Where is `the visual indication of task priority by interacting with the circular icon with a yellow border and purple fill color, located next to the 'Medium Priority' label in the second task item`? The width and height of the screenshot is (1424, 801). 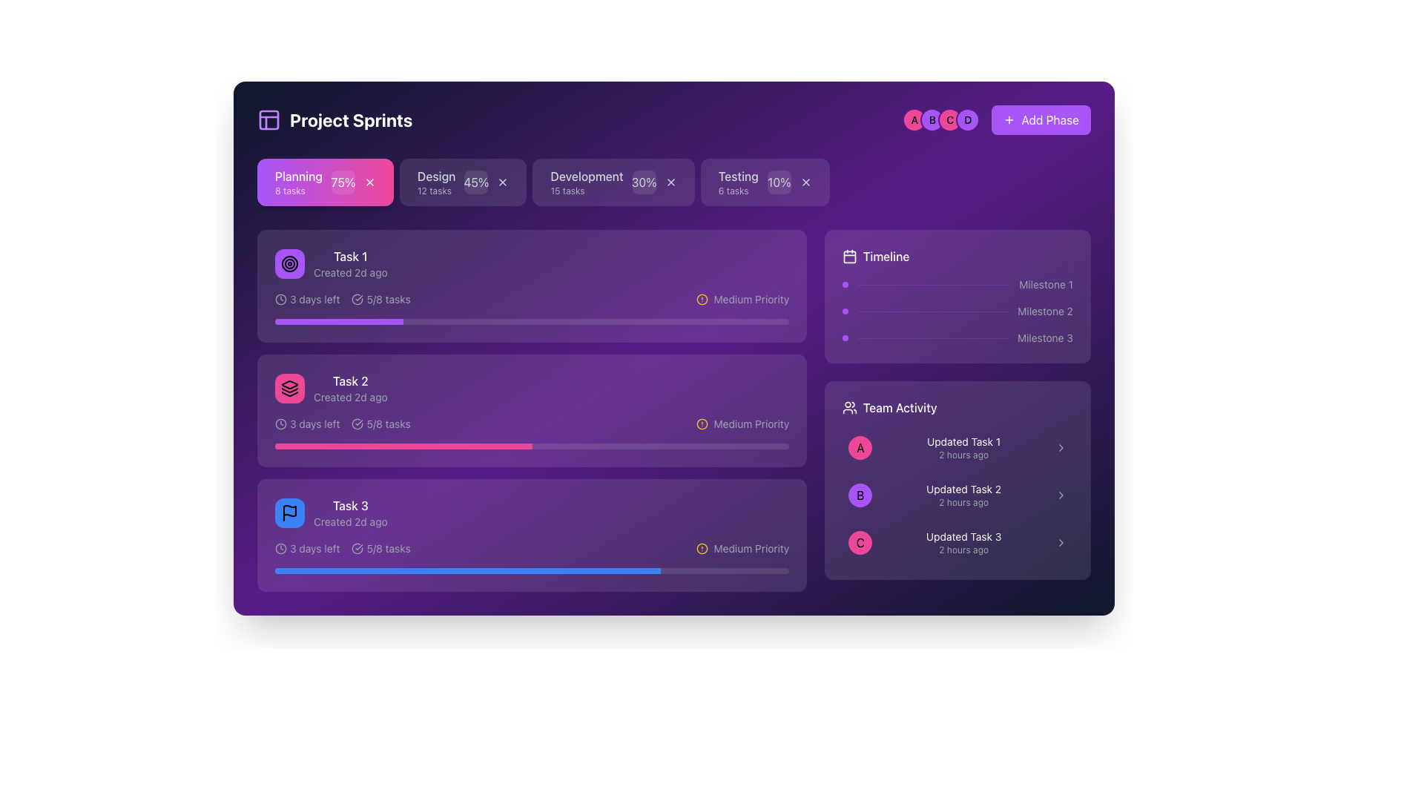
the visual indication of task priority by interacting with the circular icon with a yellow border and purple fill color, located next to the 'Medium Priority' label in the second task item is located at coordinates (701, 423).